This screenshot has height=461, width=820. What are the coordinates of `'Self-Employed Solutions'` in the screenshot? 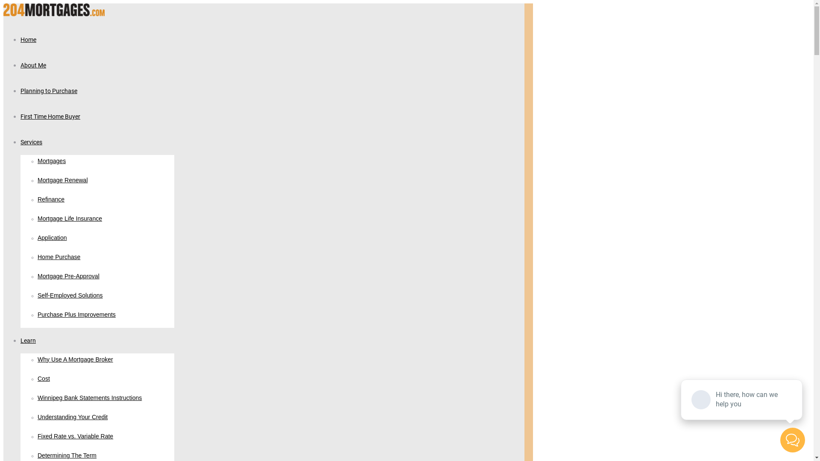 It's located at (70, 295).